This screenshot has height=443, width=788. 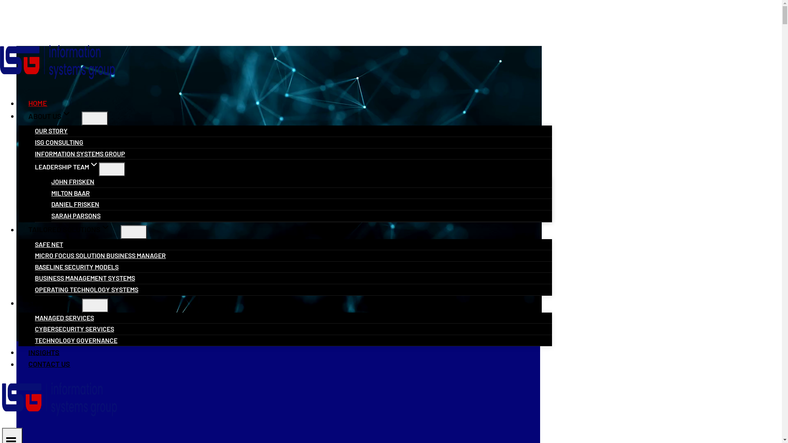 I want to click on 'OUR STORY', so click(x=50, y=130).